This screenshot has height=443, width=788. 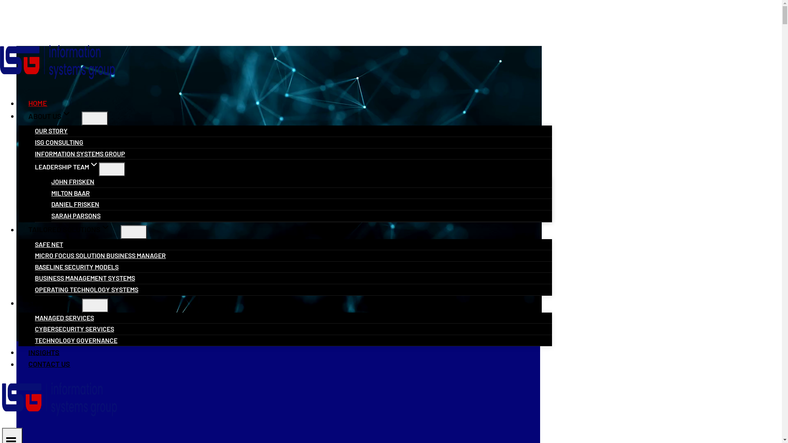 I want to click on 'OUR STORY', so click(x=50, y=130).